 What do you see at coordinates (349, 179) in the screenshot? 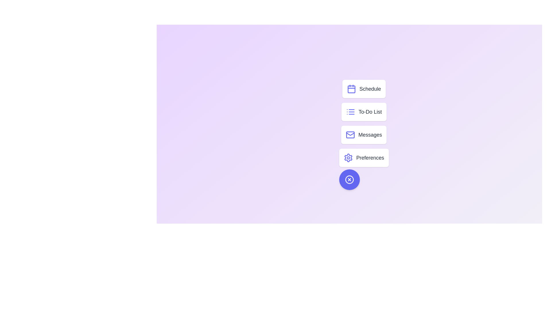
I see `the floating button to toggle the menu` at bounding box center [349, 179].